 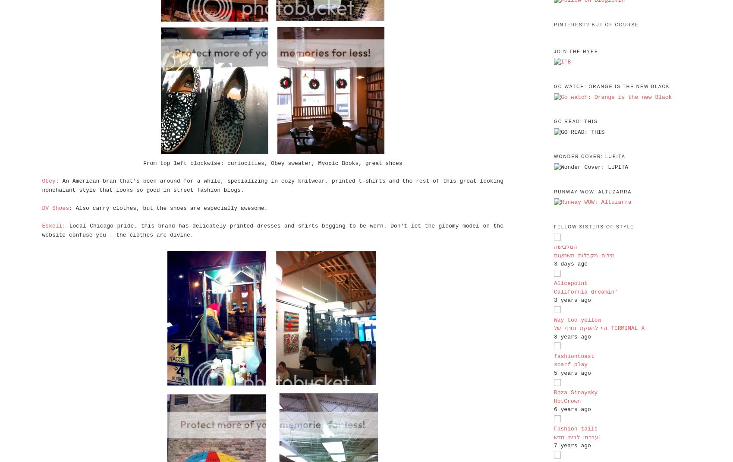 What do you see at coordinates (572, 373) in the screenshot?
I see `'5 years ago'` at bounding box center [572, 373].